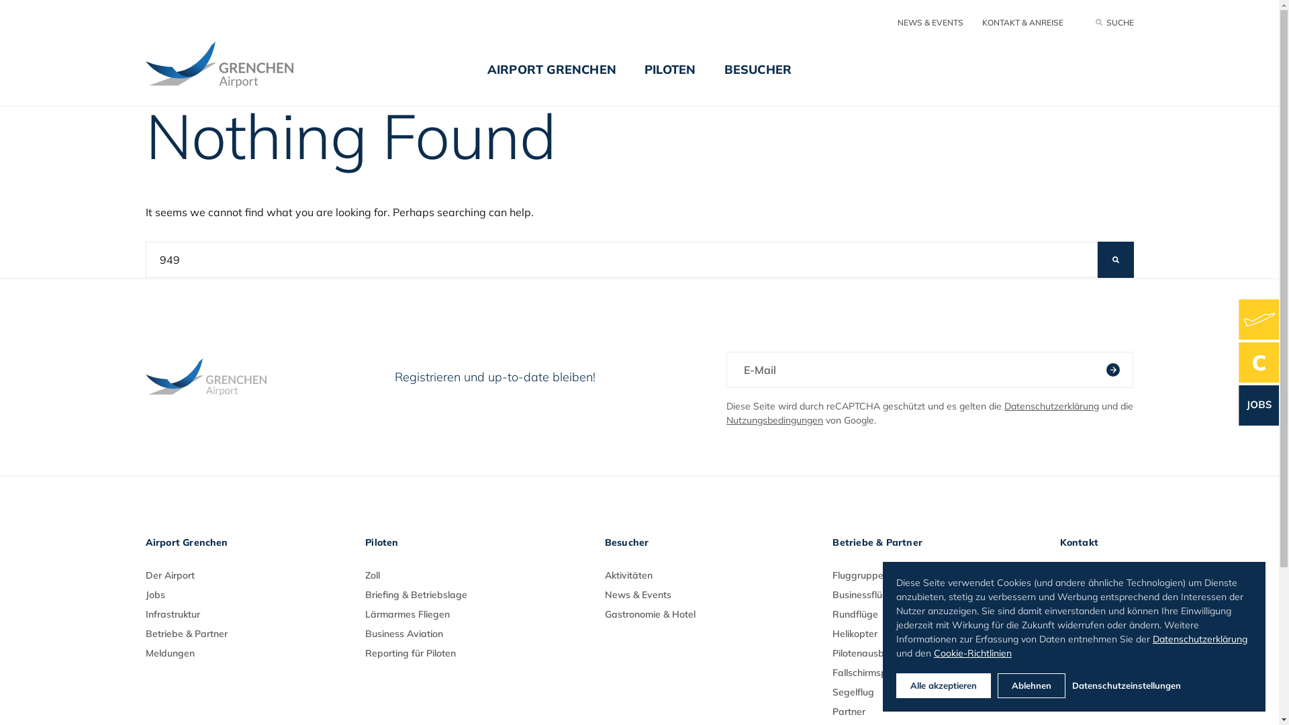 The height and width of the screenshot is (725, 1289). What do you see at coordinates (373, 574) in the screenshot?
I see `'Zoll'` at bounding box center [373, 574].